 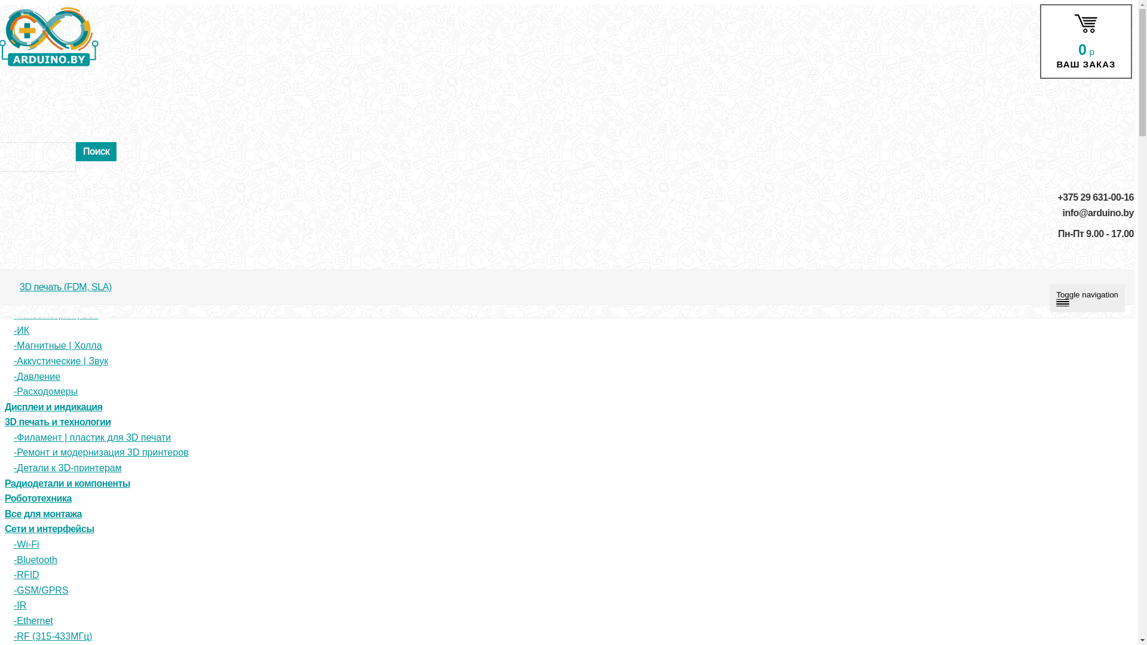 I want to click on 'Ethernet', so click(x=33, y=620).